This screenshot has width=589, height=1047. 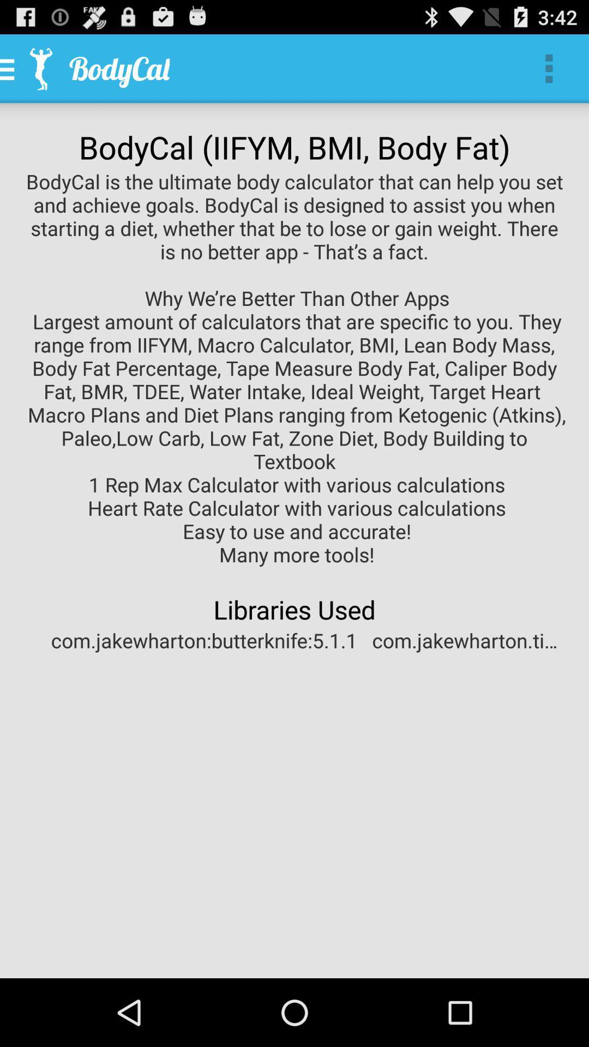 I want to click on item next to bodycal app, so click(x=549, y=68).